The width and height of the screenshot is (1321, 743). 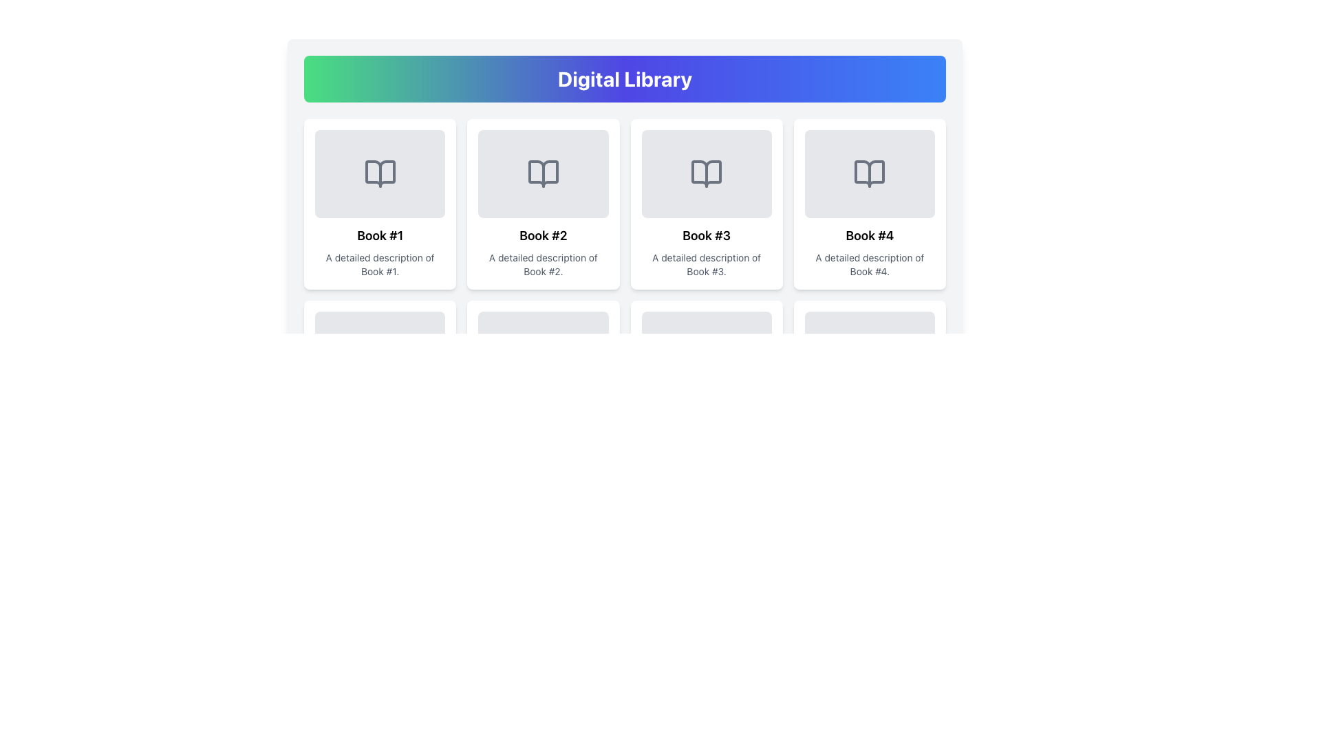 What do you see at coordinates (707, 265) in the screenshot?
I see `the static text display providing additional information about 'Book #3' located in the third card of the first row in the 'Digital Library' grid` at bounding box center [707, 265].